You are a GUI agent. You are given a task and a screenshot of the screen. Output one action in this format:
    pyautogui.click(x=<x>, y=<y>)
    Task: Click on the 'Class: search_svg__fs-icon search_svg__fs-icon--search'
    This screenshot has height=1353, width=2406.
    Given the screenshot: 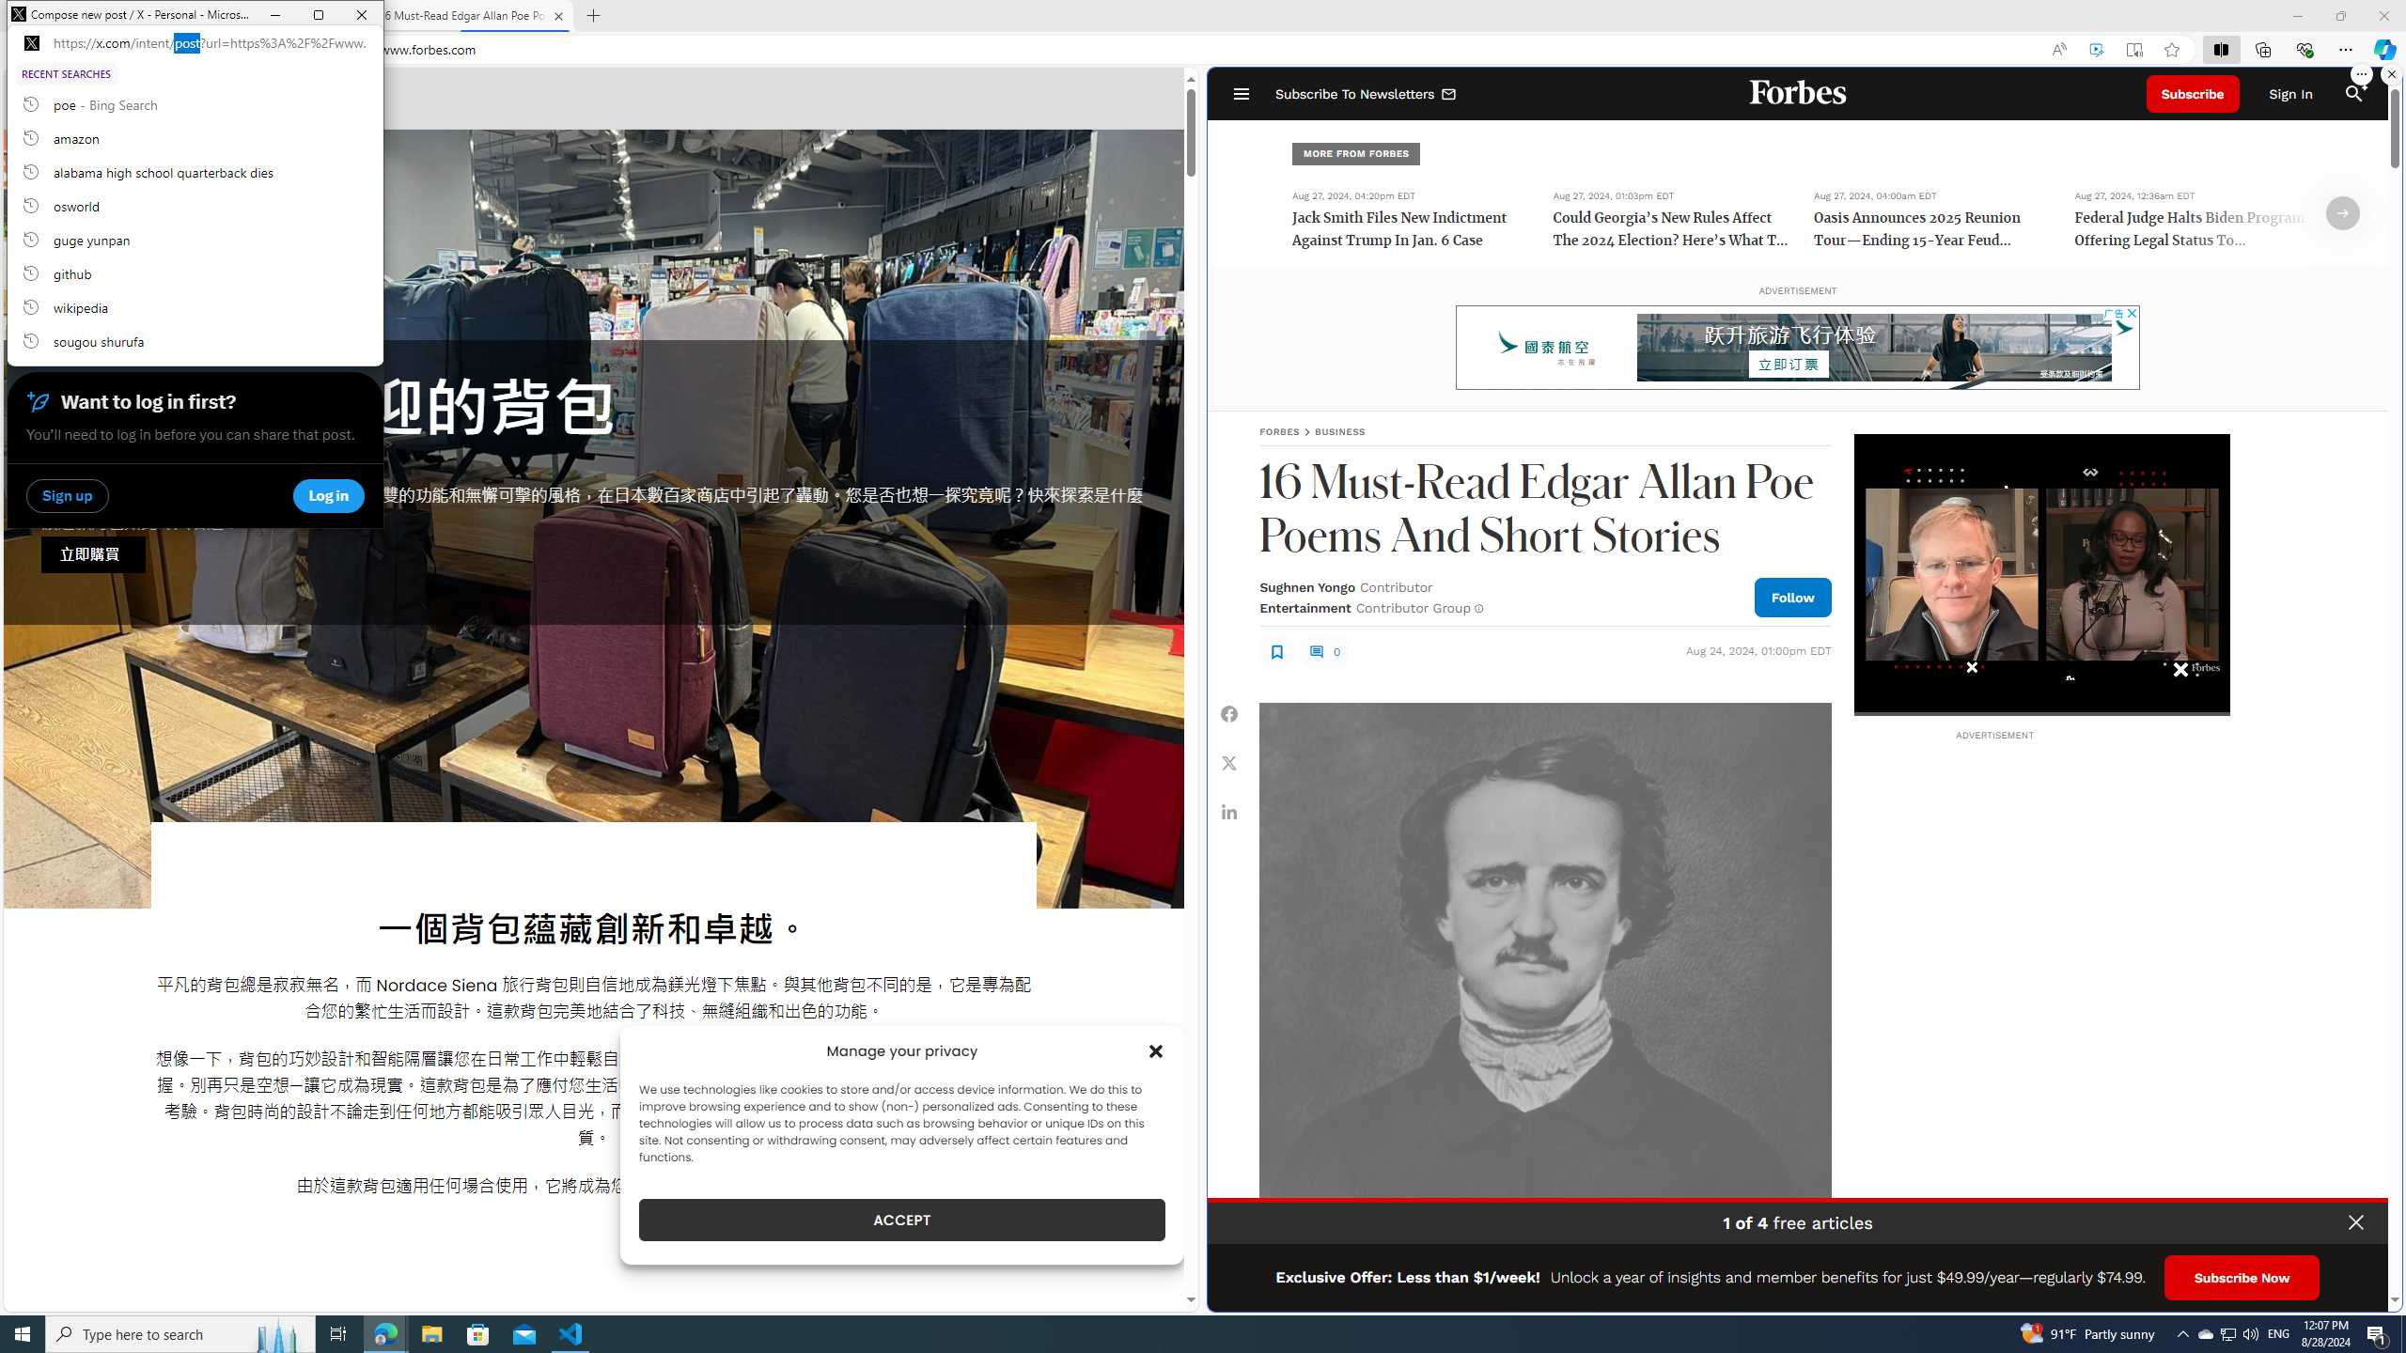 What is the action you would take?
    pyautogui.click(x=2352, y=93)
    